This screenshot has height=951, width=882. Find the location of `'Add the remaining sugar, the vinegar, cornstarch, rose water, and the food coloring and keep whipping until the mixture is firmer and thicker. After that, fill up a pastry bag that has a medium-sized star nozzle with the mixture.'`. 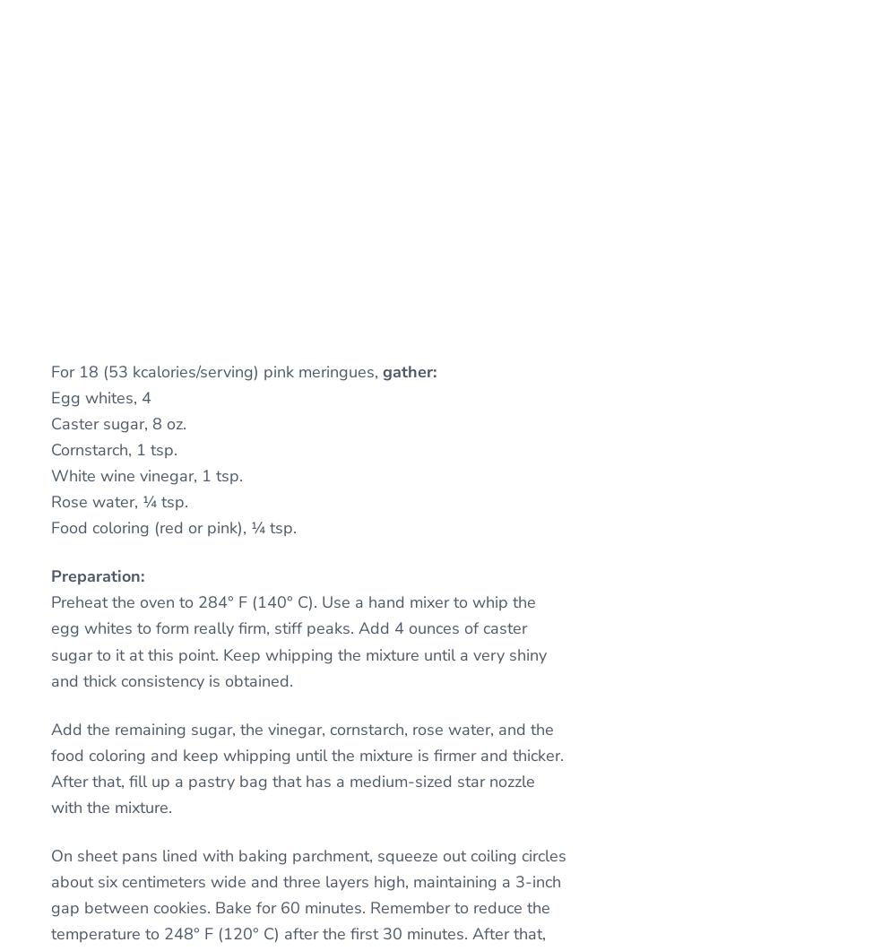

'Add the remaining sugar, the vinegar, cornstarch, rose water, and the food coloring and keep whipping until the mixture is firmer and thicker. After that, fill up a pastry bag that has a medium-sized star nozzle with the mixture.' is located at coordinates (307, 767).